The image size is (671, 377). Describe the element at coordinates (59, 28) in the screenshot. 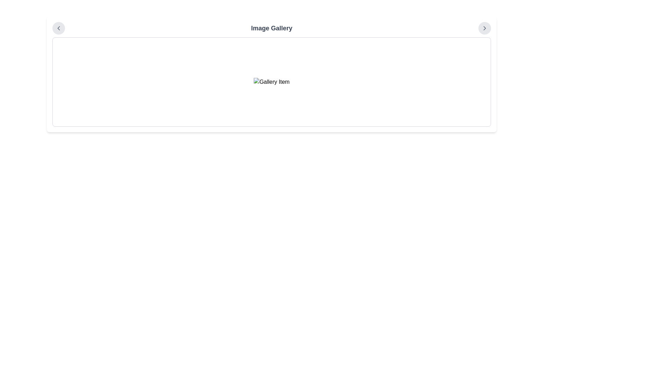

I see `the left-facing chevron icon located at the top-left corner of the interface` at that location.